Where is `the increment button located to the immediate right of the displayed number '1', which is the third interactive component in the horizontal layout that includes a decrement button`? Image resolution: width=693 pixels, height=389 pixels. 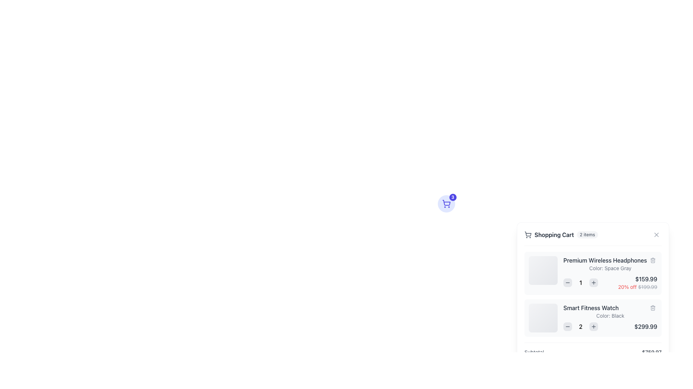
the increment button located to the immediate right of the displayed number '1', which is the third interactive component in the horizontal layout that includes a decrement button is located at coordinates (594, 282).